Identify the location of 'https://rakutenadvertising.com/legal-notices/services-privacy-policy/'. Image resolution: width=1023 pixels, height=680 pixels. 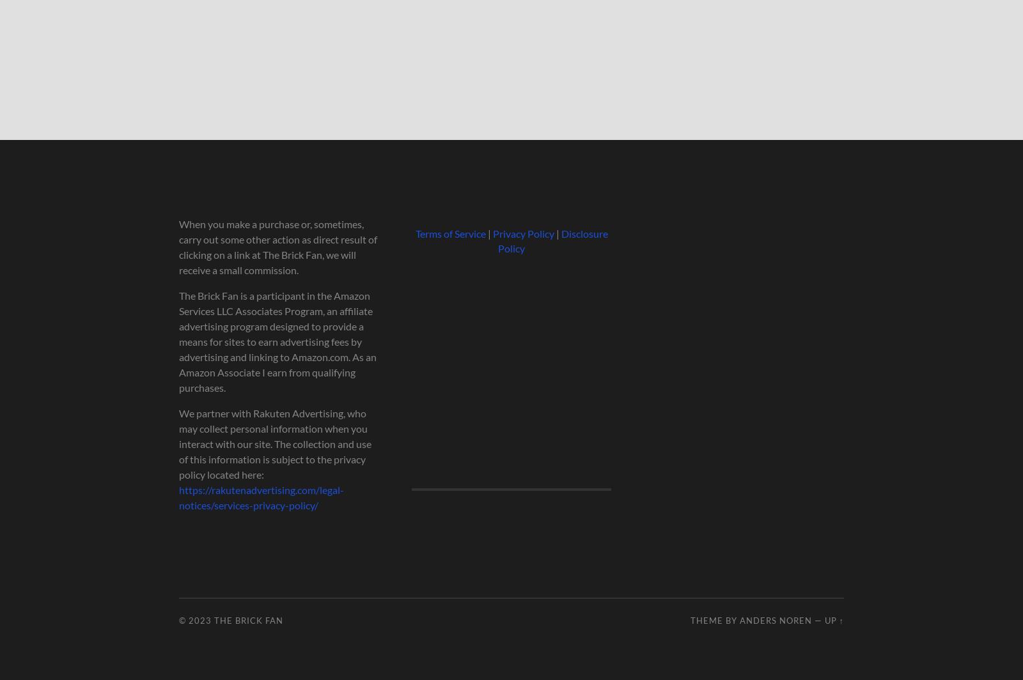
(260, 497).